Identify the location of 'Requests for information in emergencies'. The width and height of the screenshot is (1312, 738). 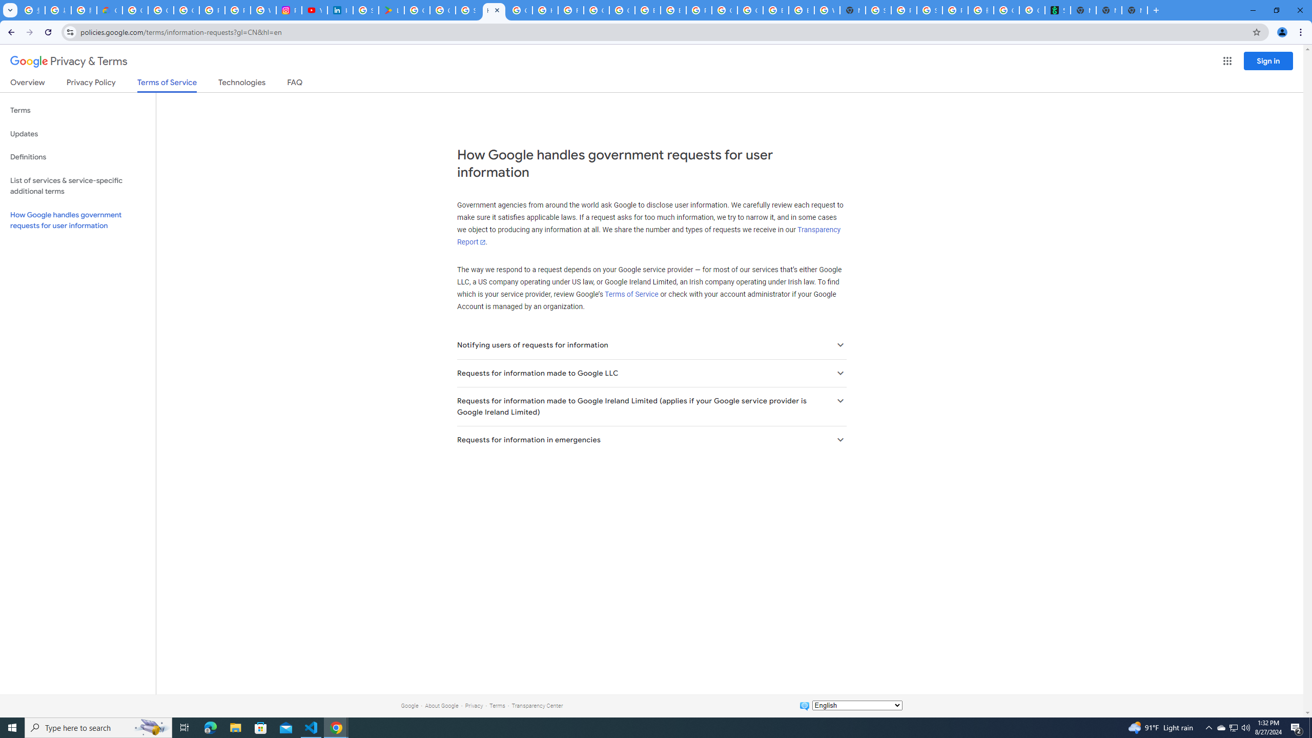
(651, 439).